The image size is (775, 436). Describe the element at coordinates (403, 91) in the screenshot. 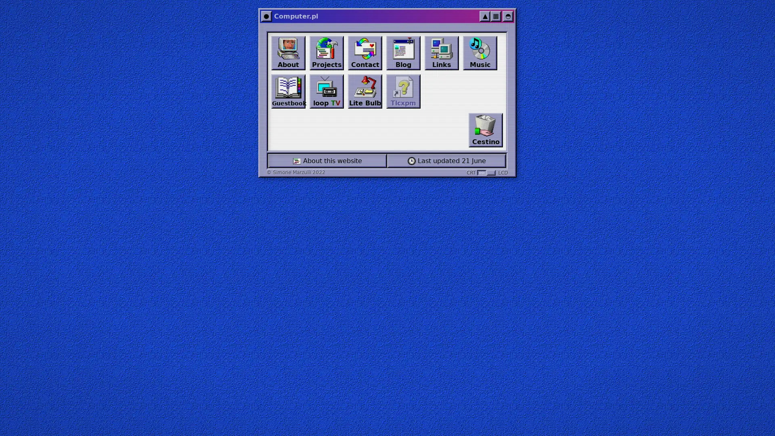

I see `corrupted file icon Xhkova` at that location.